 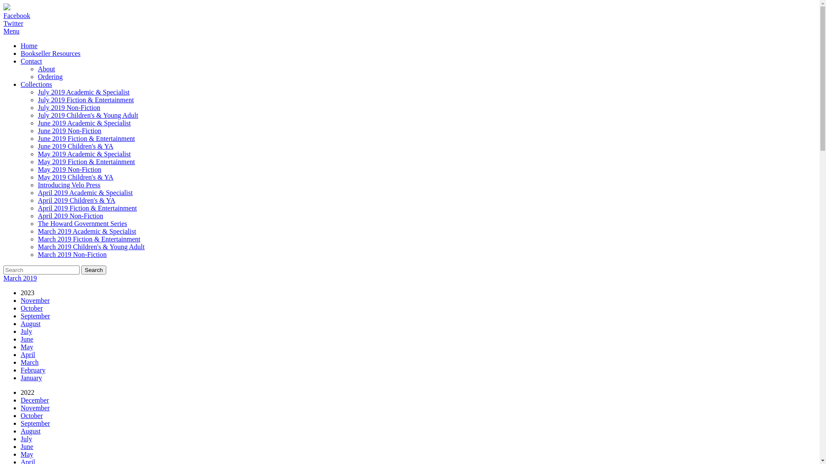 What do you see at coordinates (31, 61) in the screenshot?
I see `'Contact'` at bounding box center [31, 61].